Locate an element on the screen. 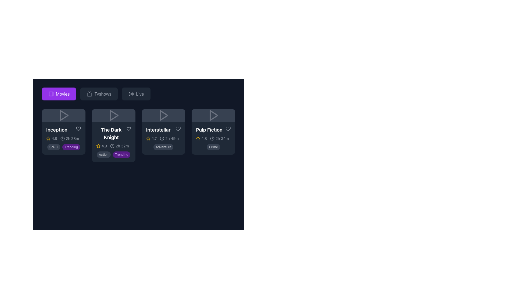 Image resolution: width=516 pixels, height=290 pixels. the static text label displaying 'Inception' in bold white font, located at the top-left corner of the first movie selection card in a grid layout is located at coordinates (57, 130).